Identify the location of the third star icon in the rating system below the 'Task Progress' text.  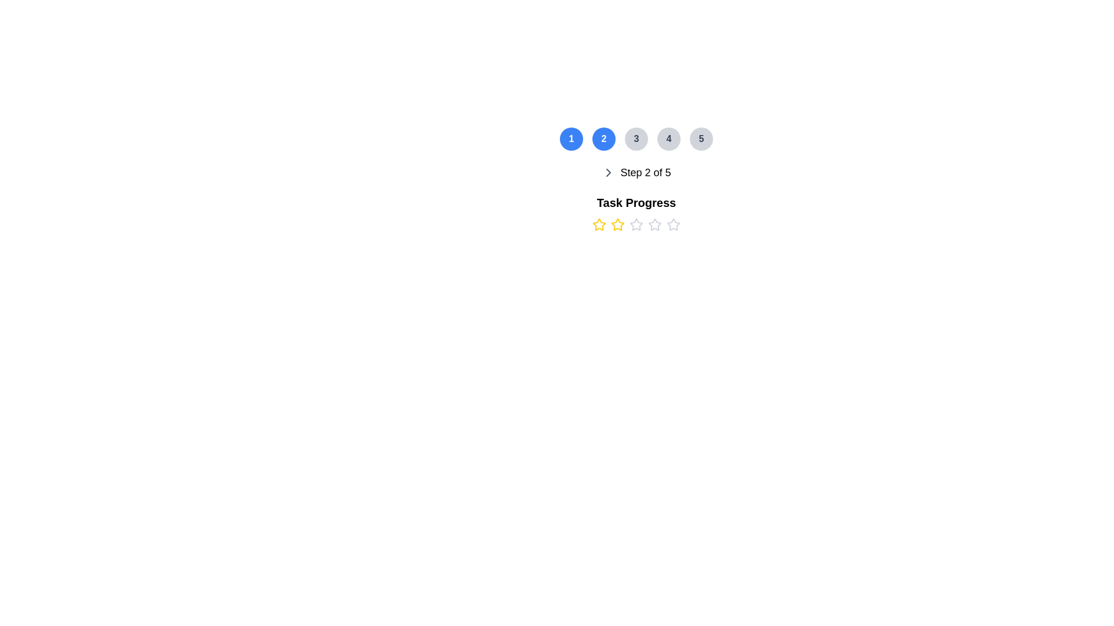
(636, 224).